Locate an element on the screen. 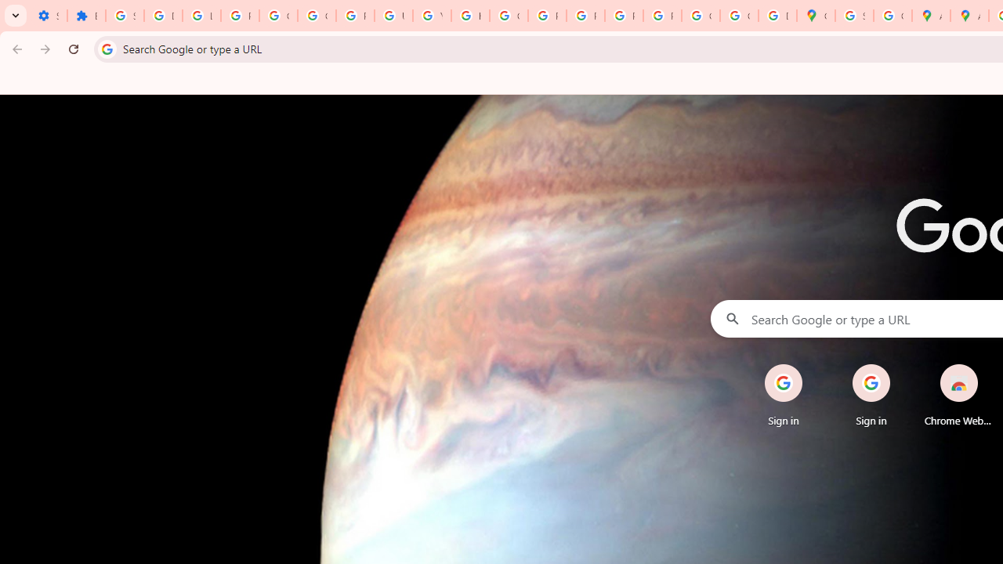  'Delete photos & videos - Computer - Google Photos Help' is located at coordinates (163, 16).